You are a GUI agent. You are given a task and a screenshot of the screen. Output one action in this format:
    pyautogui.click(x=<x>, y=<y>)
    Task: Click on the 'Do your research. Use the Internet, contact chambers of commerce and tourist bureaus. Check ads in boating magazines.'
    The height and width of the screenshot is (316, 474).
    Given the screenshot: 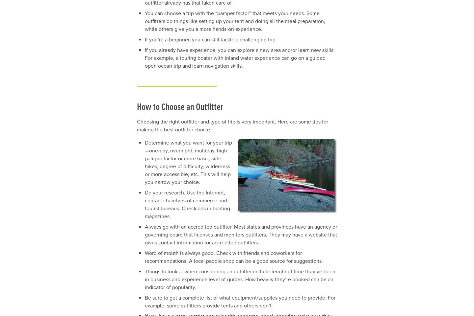 What is the action you would take?
    pyautogui.click(x=187, y=204)
    